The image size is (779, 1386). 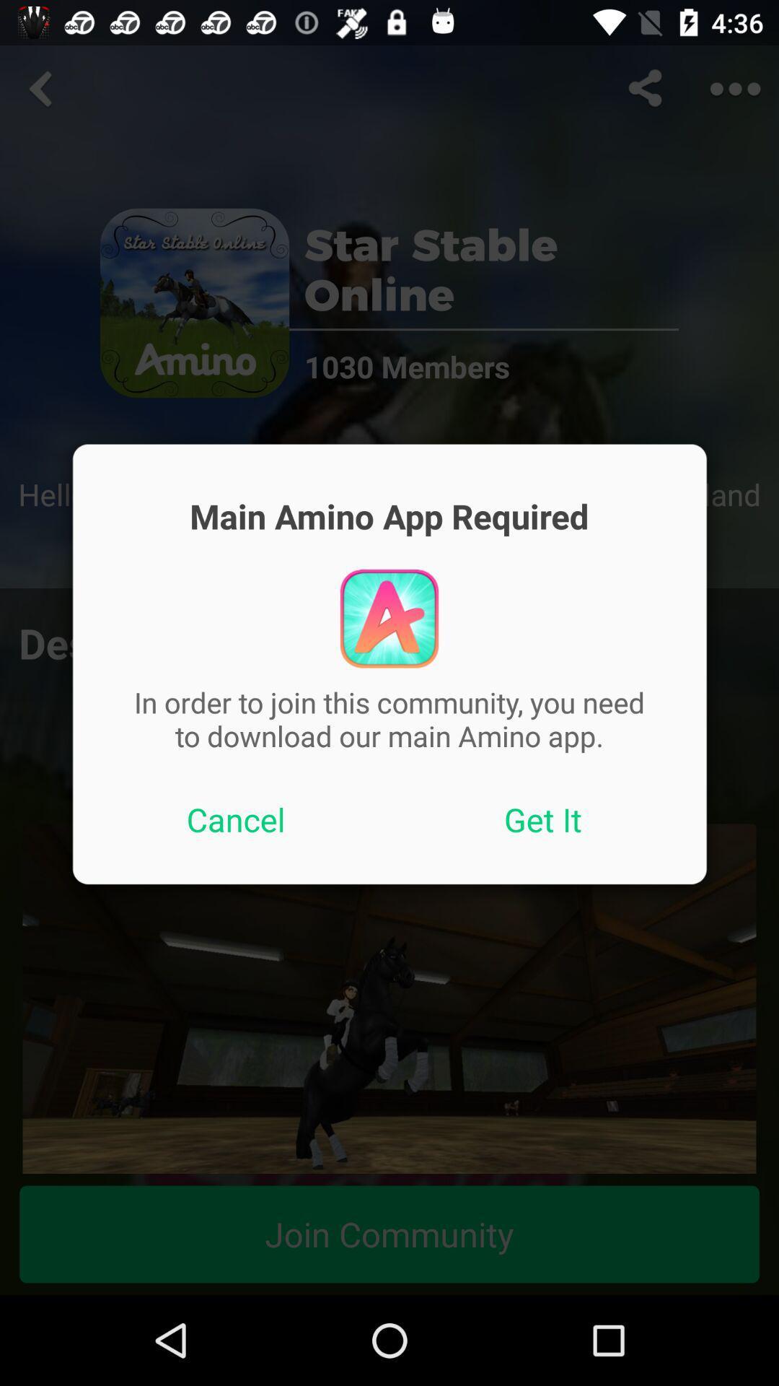 I want to click on icon to the right of cancel icon, so click(x=543, y=819).